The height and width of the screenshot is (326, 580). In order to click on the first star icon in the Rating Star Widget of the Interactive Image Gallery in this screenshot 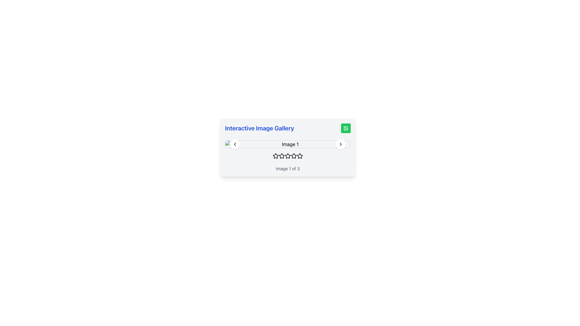, I will do `click(275, 155)`.